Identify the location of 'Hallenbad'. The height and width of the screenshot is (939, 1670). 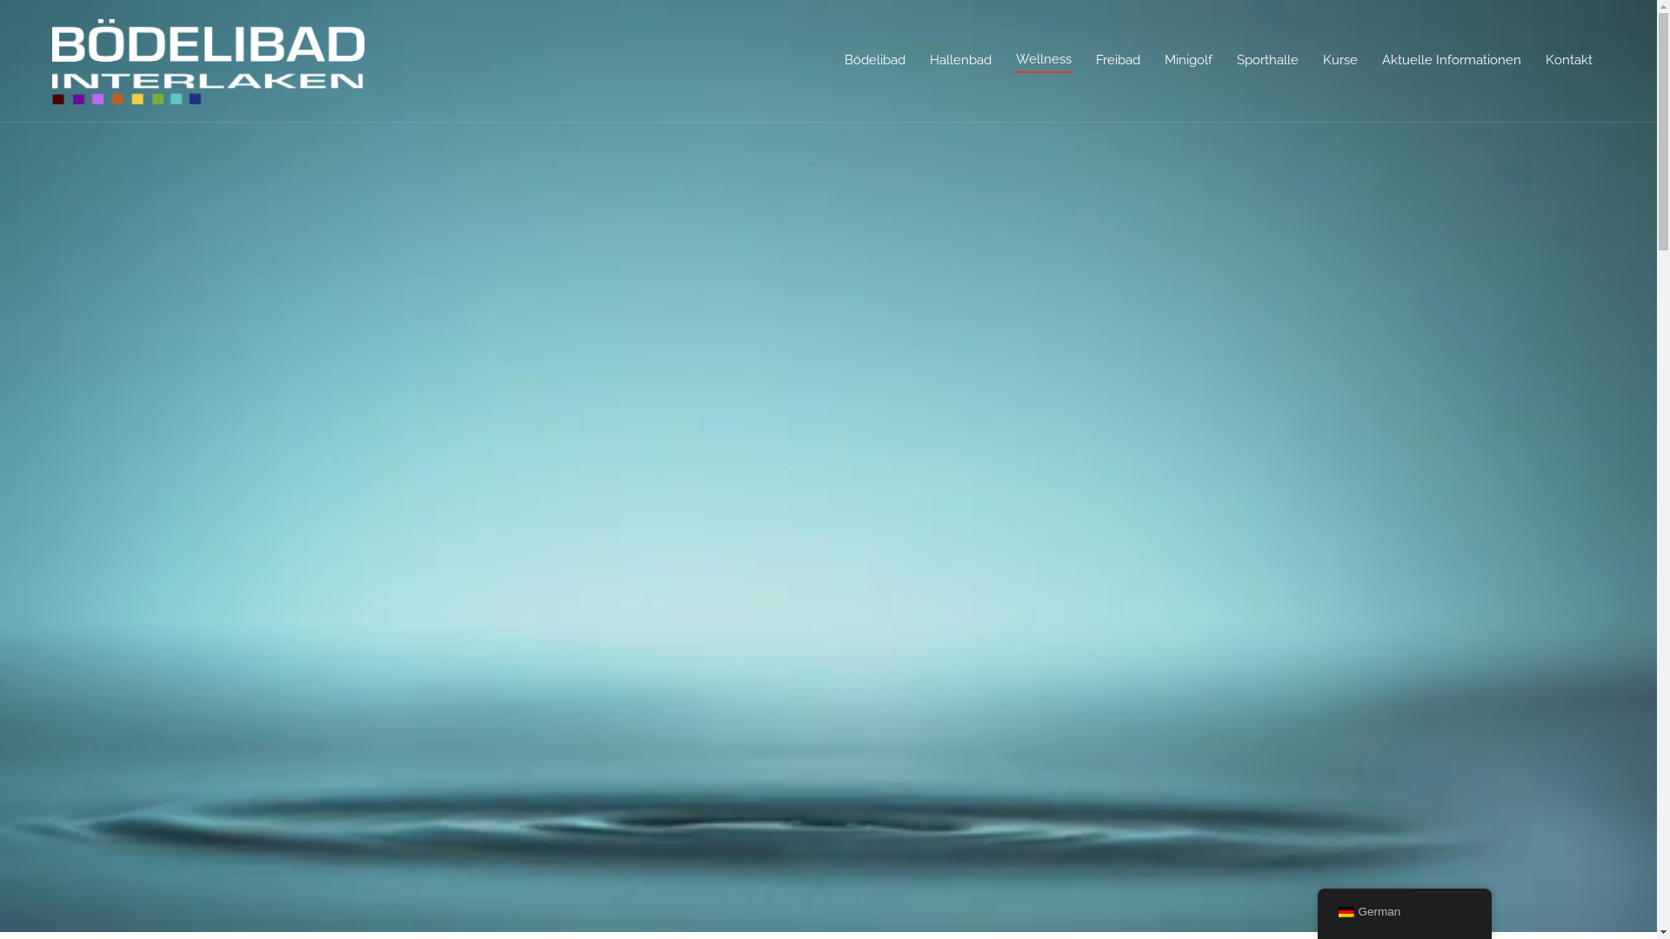
(959, 59).